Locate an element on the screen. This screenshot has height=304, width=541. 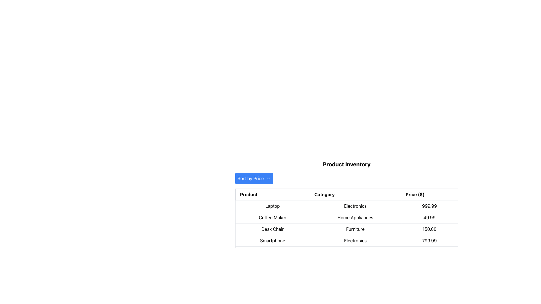
the Dropdown button located below the 'Product Inventory' title is located at coordinates (254, 178).